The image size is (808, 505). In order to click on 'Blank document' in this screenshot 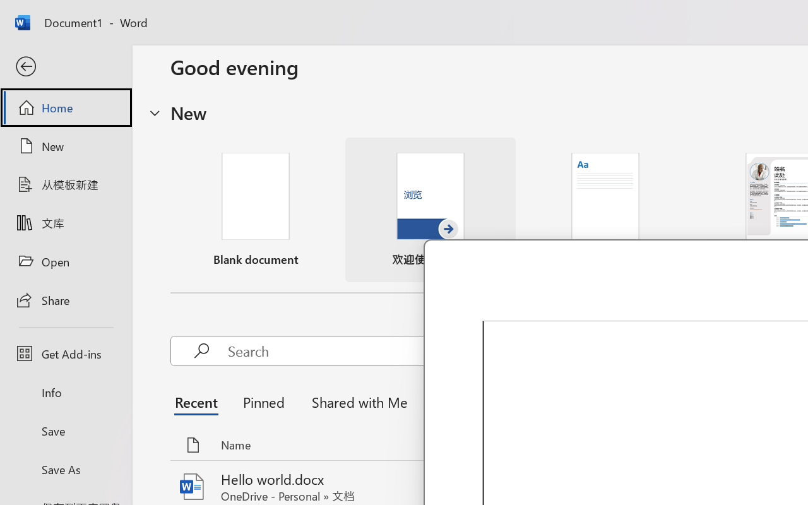, I will do `click(255, 209)`.